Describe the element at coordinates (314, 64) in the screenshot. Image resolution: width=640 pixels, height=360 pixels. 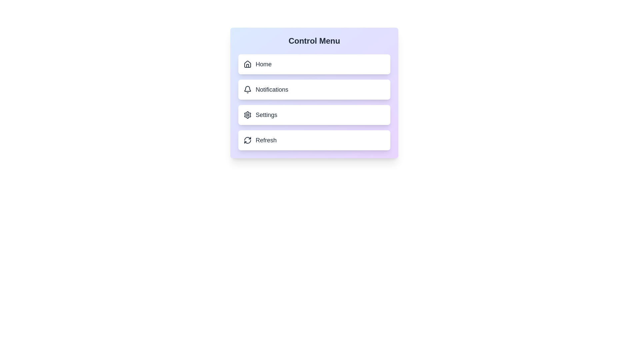
I see `the Home button to select the corresponding menu option` at that location.